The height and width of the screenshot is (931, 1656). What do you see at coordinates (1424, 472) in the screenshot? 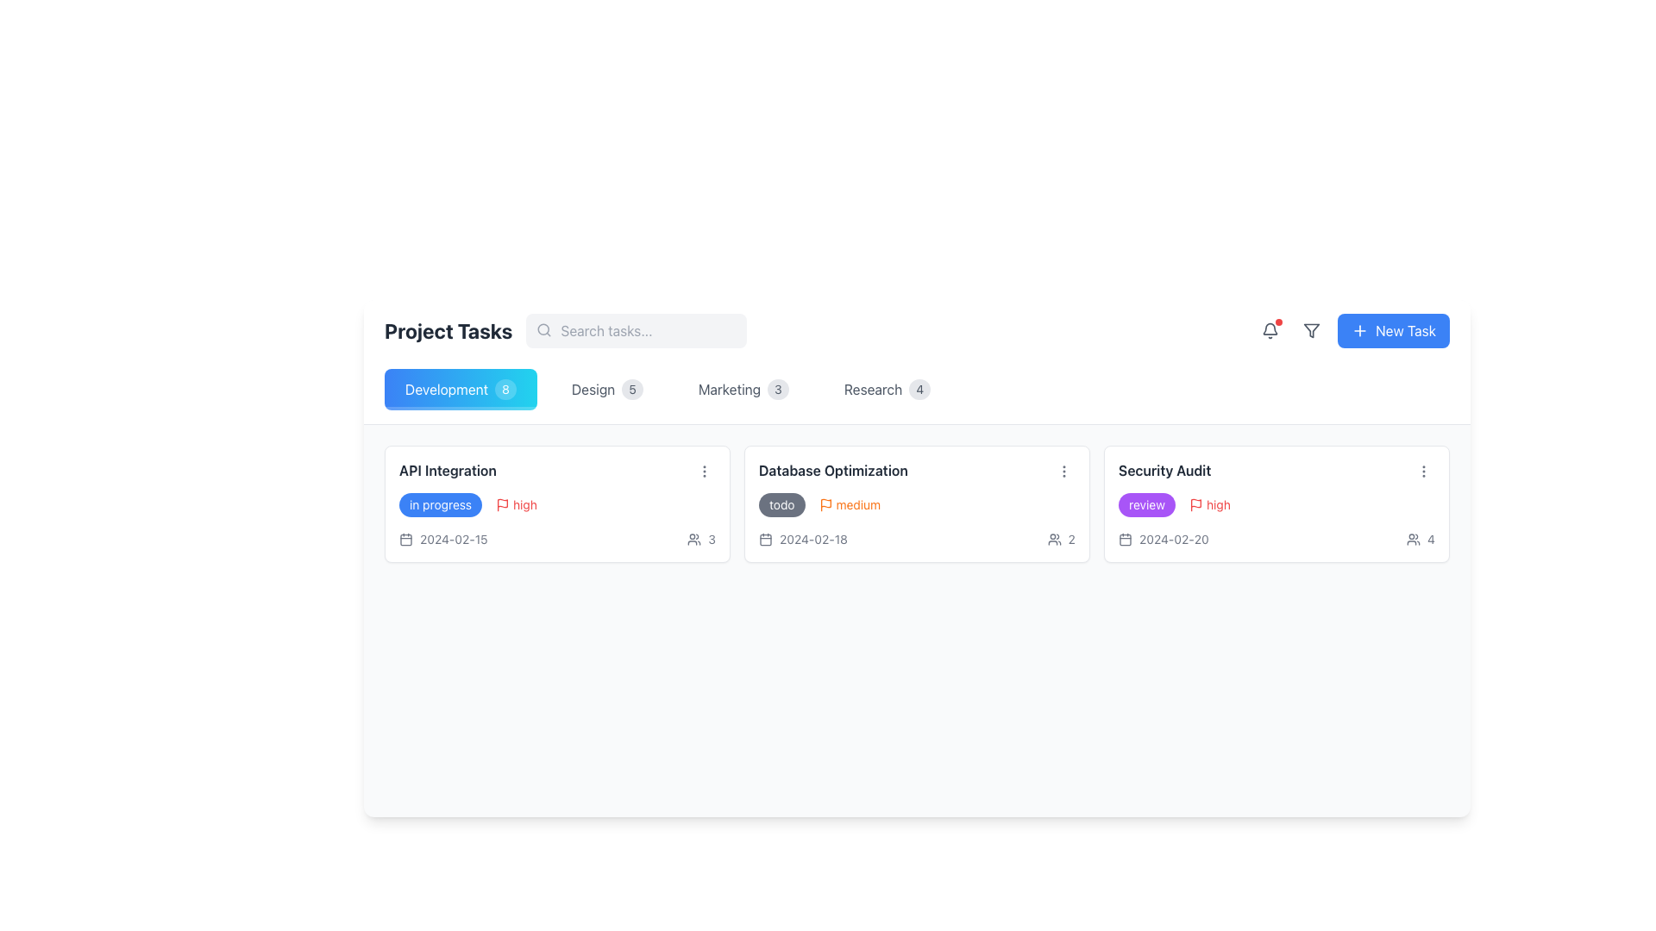
I see `the vertical ellipsis icon in the top-right corner of the 'Security Audit' card` at bounding box center [1424, 472].